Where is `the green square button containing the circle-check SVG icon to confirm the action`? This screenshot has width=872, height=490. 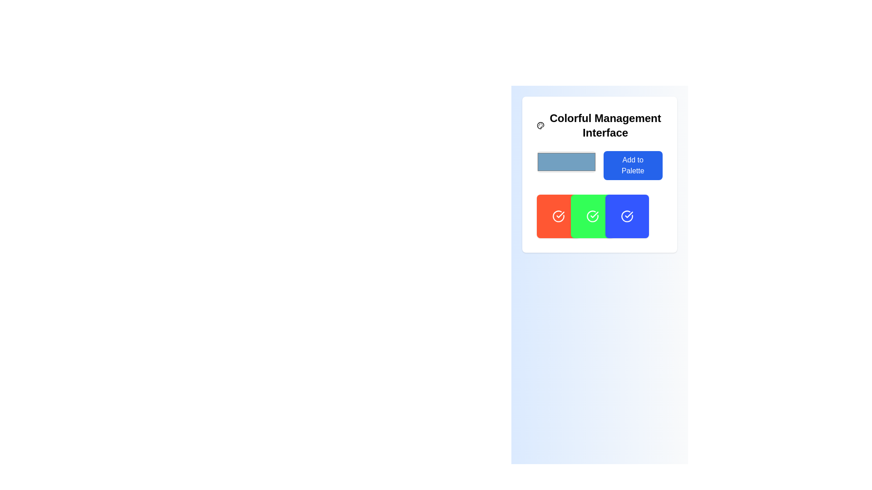 the green square button containing the circle-check SVG icon to confirm the action is located at coordinates (558, 216).